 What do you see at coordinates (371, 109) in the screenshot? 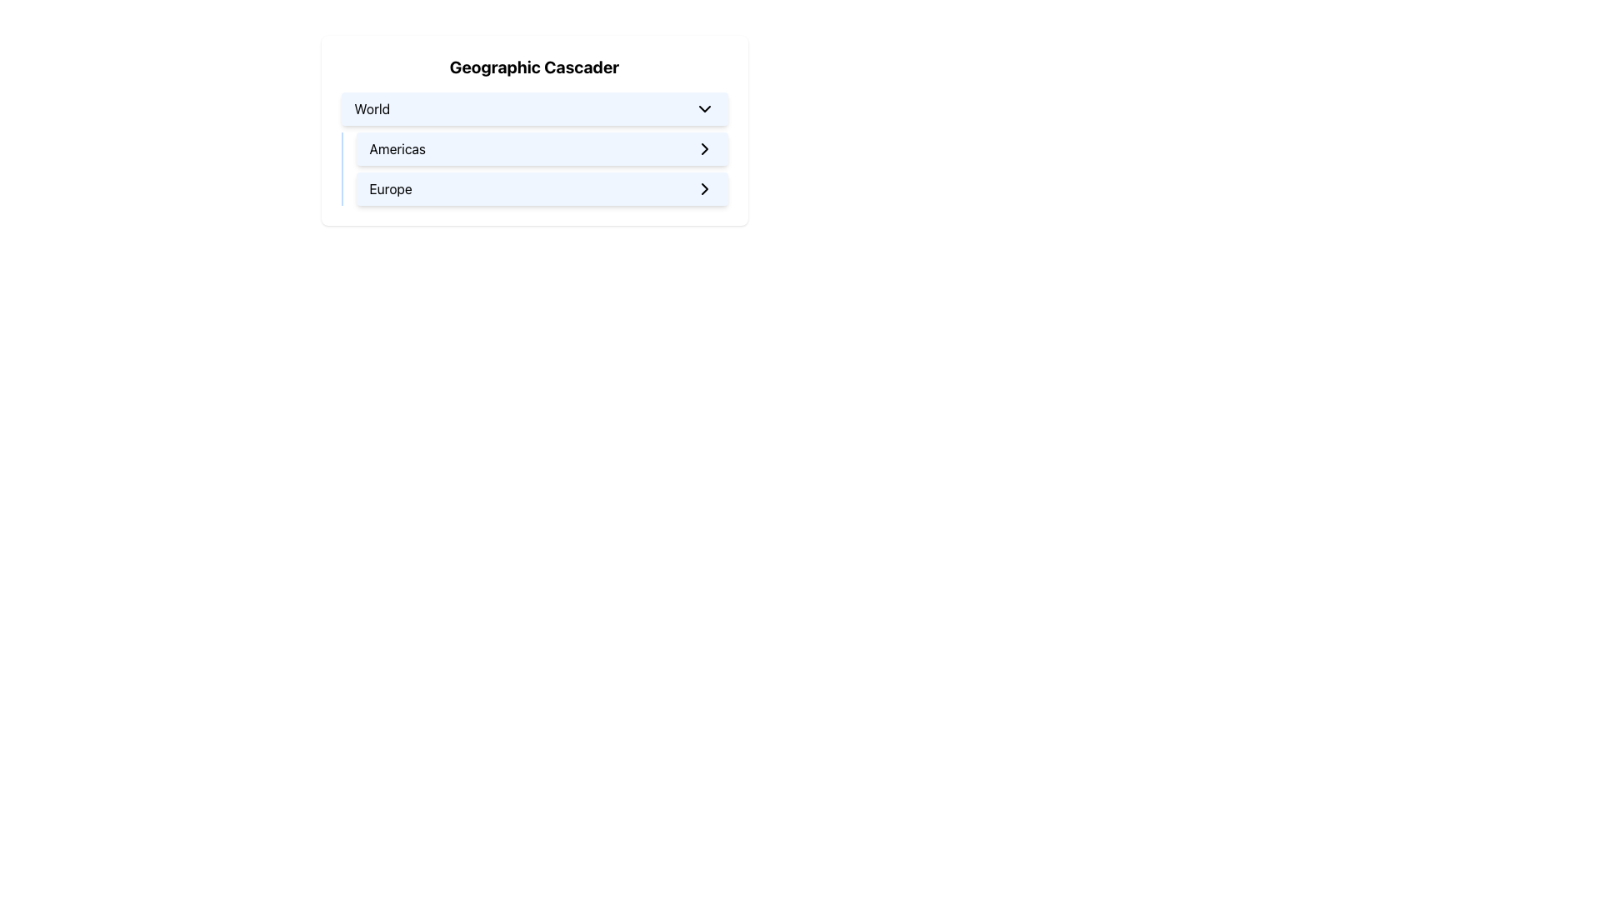
I see `the text label reading 'World' located at the top of the 'Geographic Cascader' dropdown menu, which is aligned to the left of the dropdown header` at bounding box center [371, 109].